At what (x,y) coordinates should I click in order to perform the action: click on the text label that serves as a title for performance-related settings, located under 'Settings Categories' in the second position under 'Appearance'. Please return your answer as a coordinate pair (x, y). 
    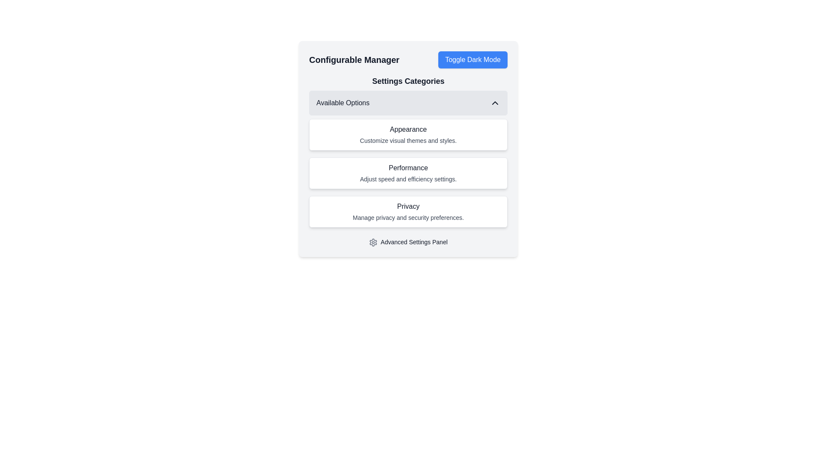
    Looking at the image, I should click on (408, 168).